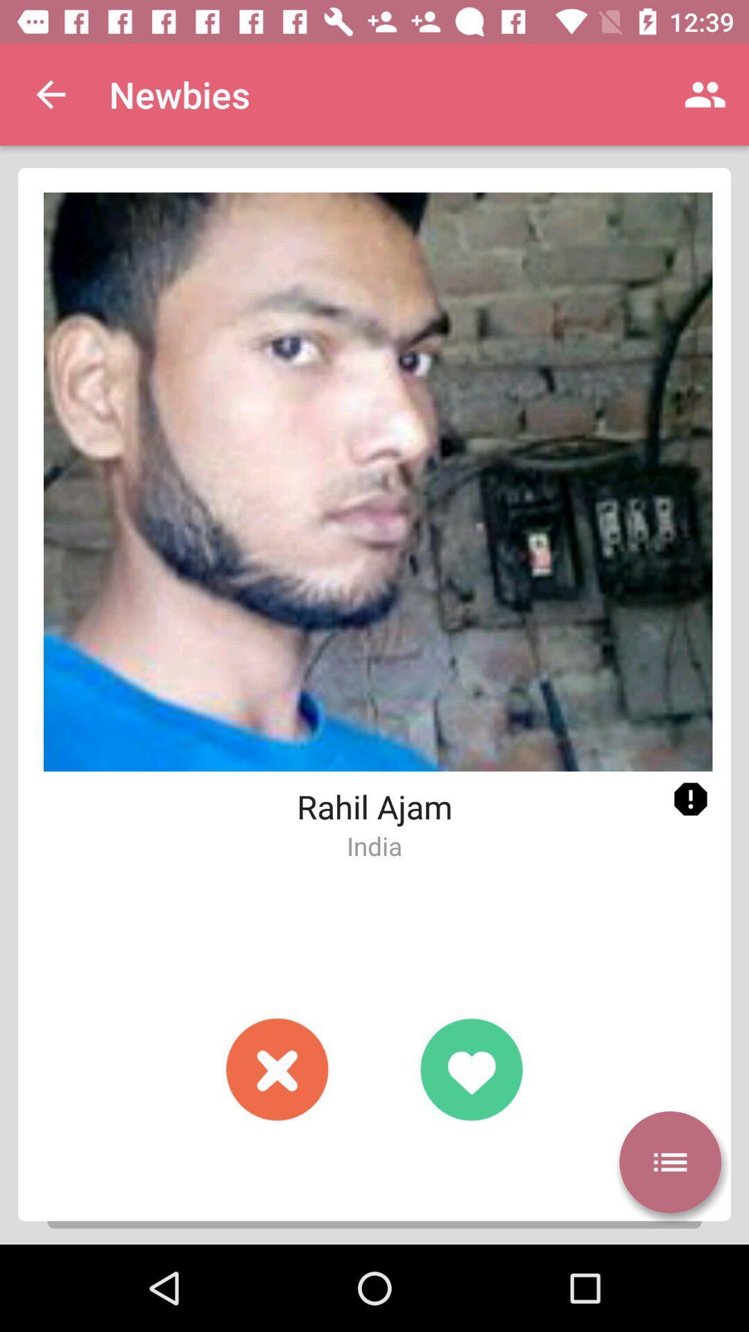  What do you see at coordinates (669, 1162) in the screenshot?
I see `click menu` at bounding box center [669, 1162].